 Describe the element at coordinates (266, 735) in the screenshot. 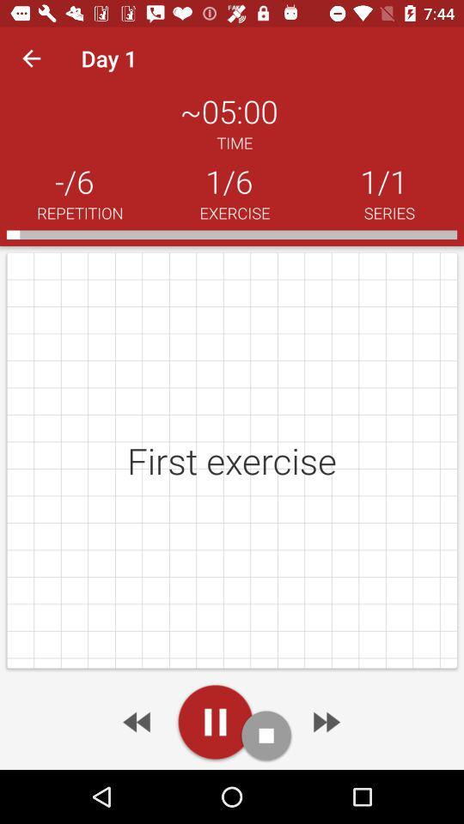

I see `stop audio` at that location.